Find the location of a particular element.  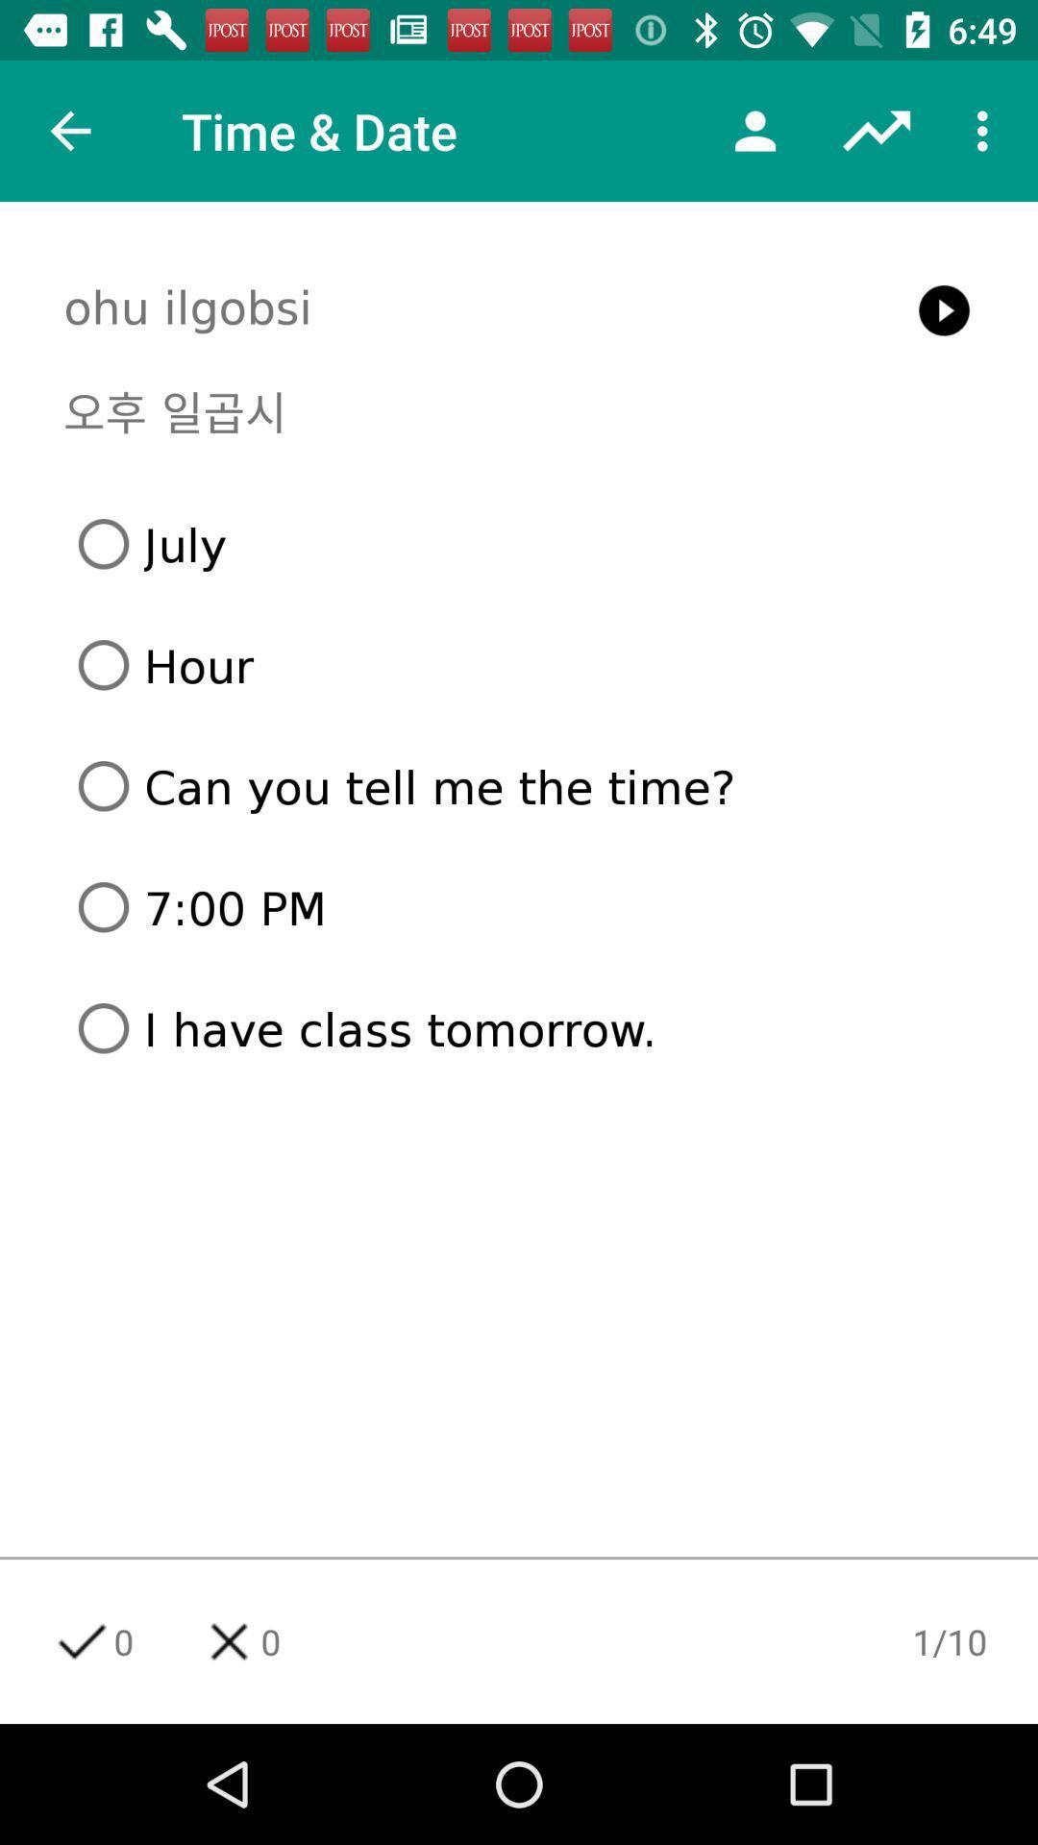

the icon next to time & date icon is located at coordinates (754, 130).